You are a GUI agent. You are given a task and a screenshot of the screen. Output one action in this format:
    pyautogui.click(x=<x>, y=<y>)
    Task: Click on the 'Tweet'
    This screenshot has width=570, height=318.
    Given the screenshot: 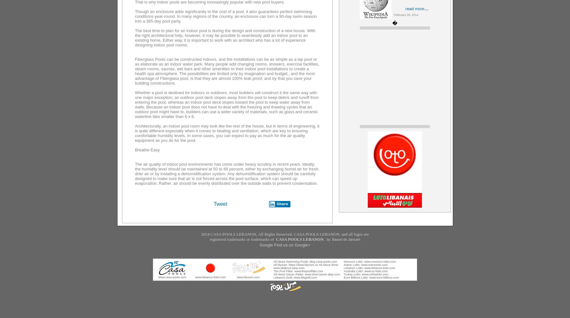 What is the action you would take?
    pyautogui.click(x=220, y=204)
    